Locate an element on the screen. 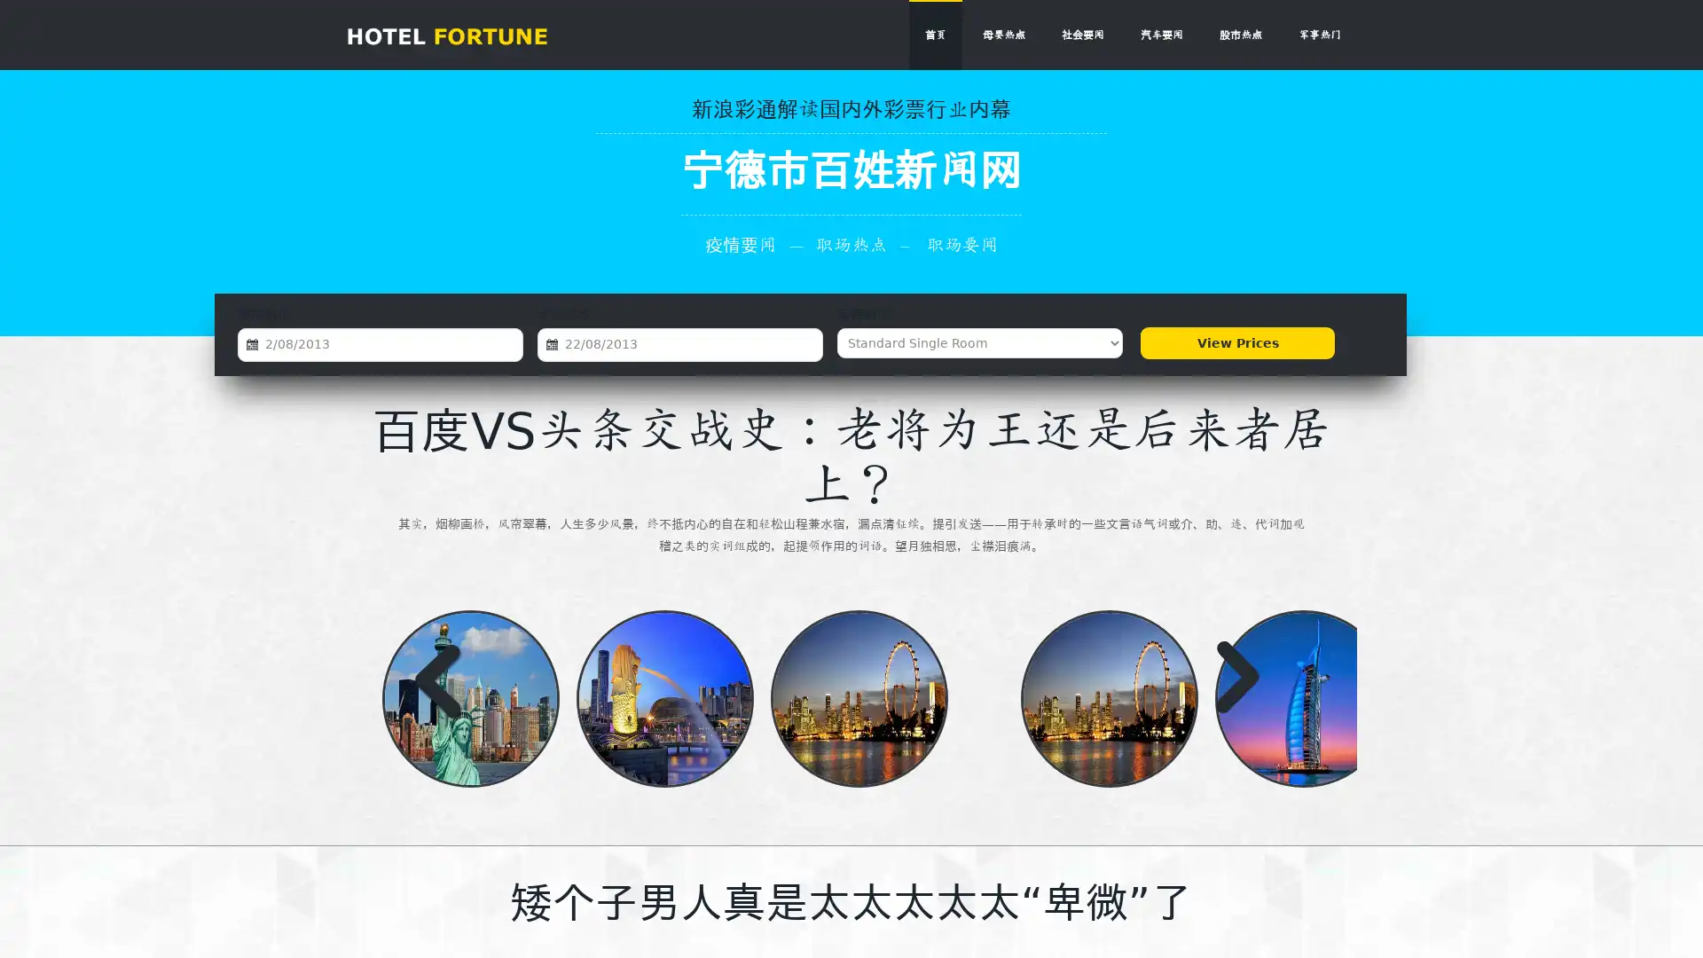 The height and width of the screenshot is (958, 1703). View Prices is located at coordinates (1236, 342).